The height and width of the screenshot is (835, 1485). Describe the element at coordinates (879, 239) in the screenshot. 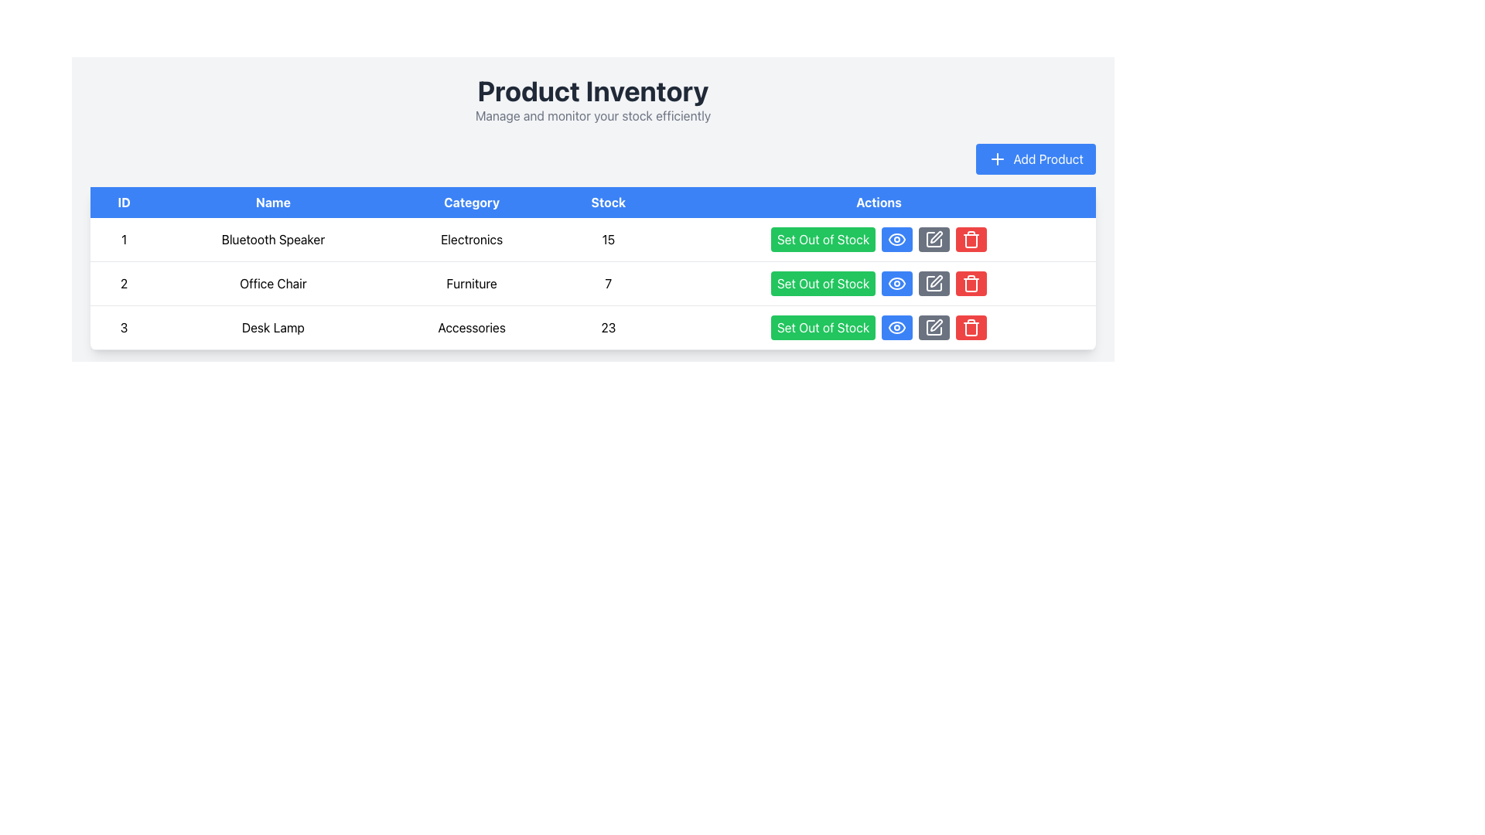

I see `the green button labeled 'Set Out of Stock' located in the 'Actions' column of the first row of the Product Inventory table, associated with the 'Bluetooth Speaker' product` at that location.